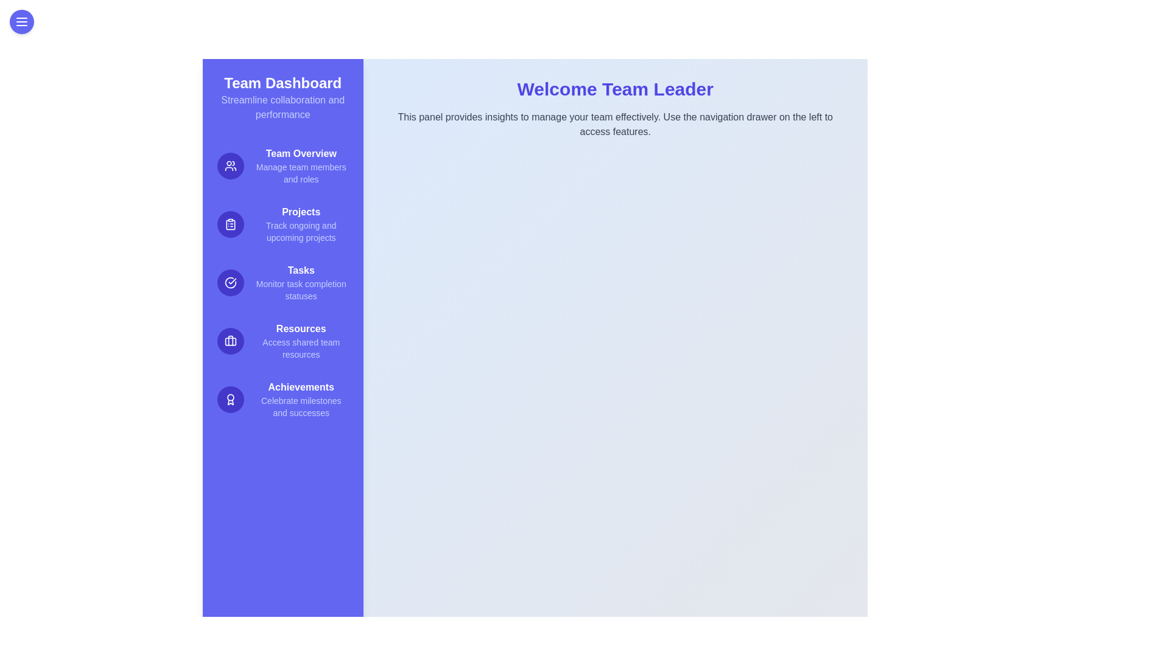 The width and height of the screenshot is (1169, 657). What do you see at coordinates (282, 341) in the screenshot?
I see `the menu item Resources to see its hover effect` at bounding box center [282, 341].